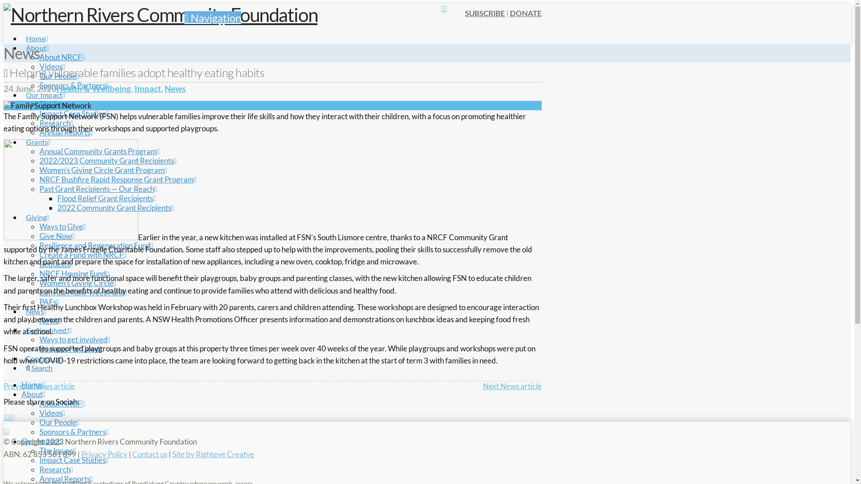 Image resolution: width=861 pixels, height=484 pixels. I want to click on 'Banyula Many Trees Fund', so click(83, 292).